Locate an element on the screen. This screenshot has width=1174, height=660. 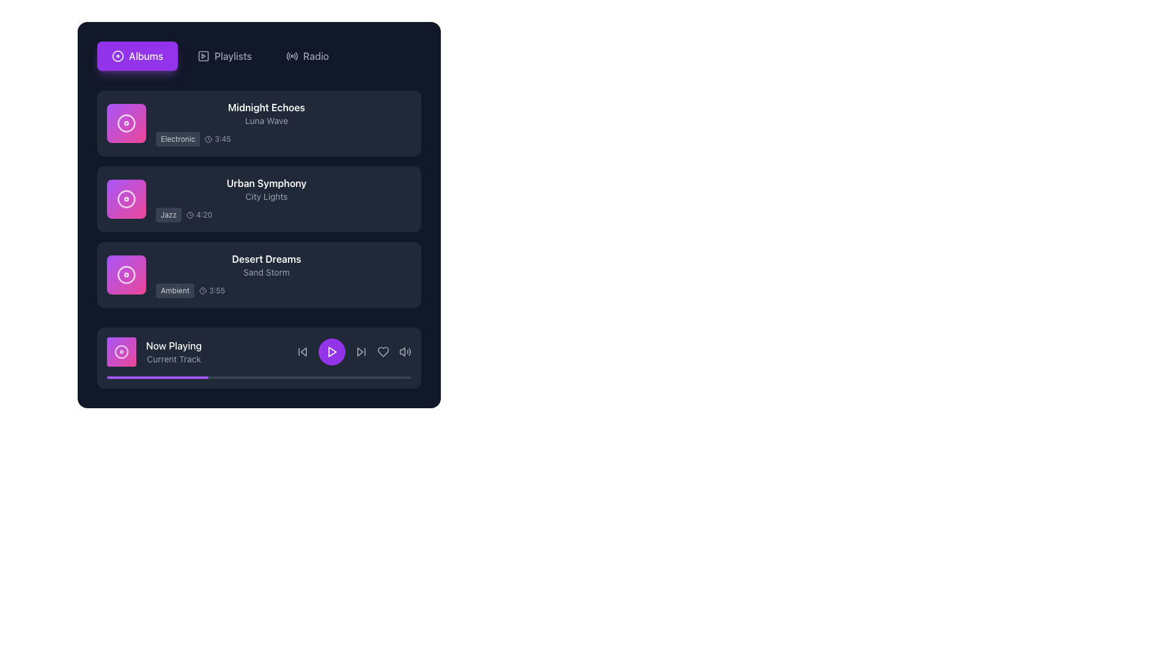
the first list item containing the song title 'Midnight Echoes' is located at coordinates (266, 123).